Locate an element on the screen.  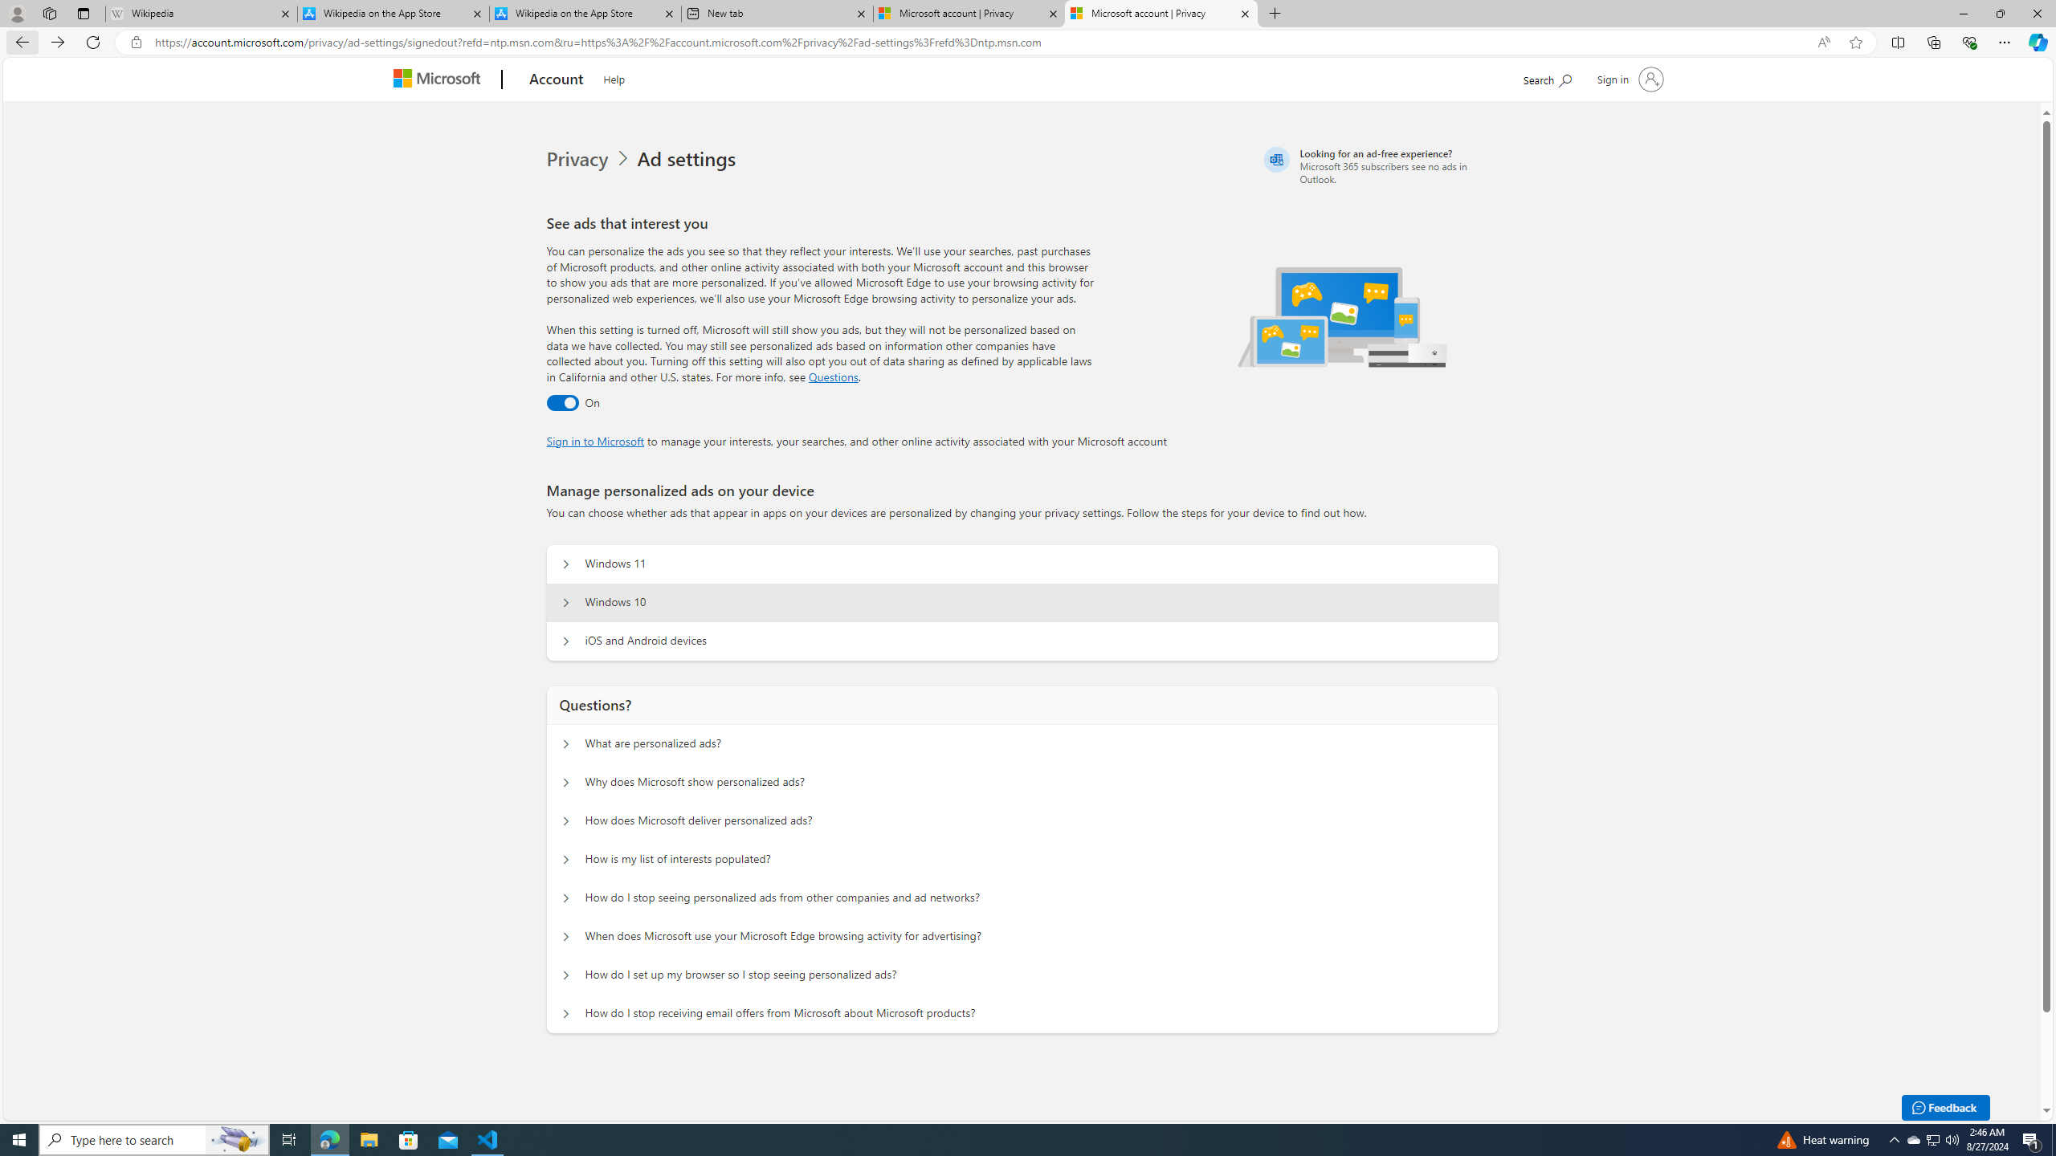
'Privacy' is located at coordinates (590, 159).